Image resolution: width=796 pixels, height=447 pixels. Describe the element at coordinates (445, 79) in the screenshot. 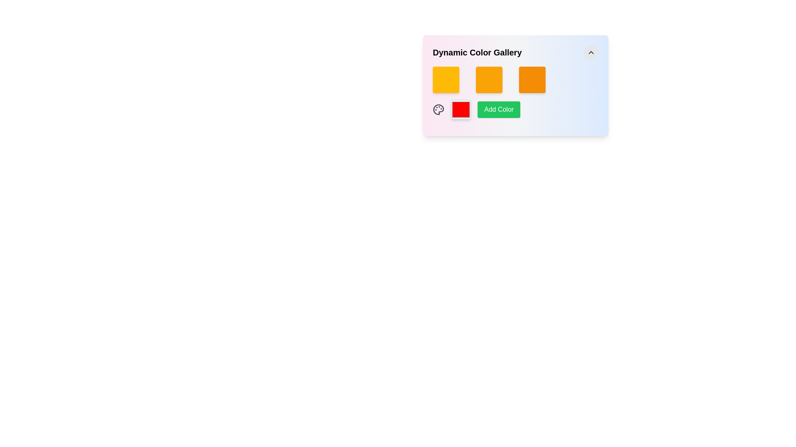

I see `the vibrant yellow color swatch located` at that location.